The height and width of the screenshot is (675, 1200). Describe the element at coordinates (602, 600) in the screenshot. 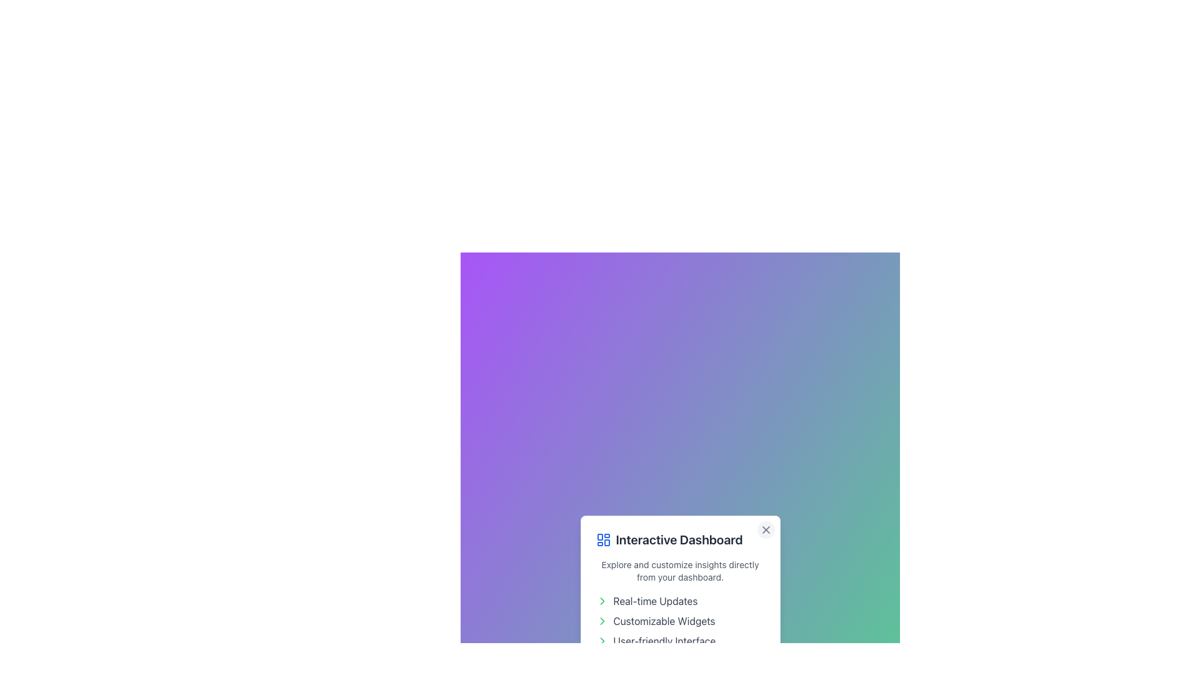

I see `the right-facing chevron arrow icon styled with green color, which is located to the left of the 'Real-time Updates' label` at that location.